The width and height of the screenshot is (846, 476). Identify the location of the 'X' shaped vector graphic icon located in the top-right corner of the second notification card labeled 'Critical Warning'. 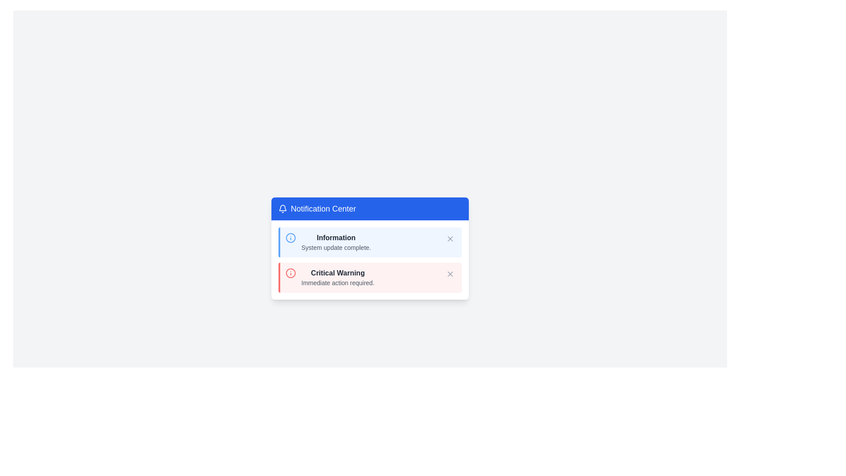
(450, 273).